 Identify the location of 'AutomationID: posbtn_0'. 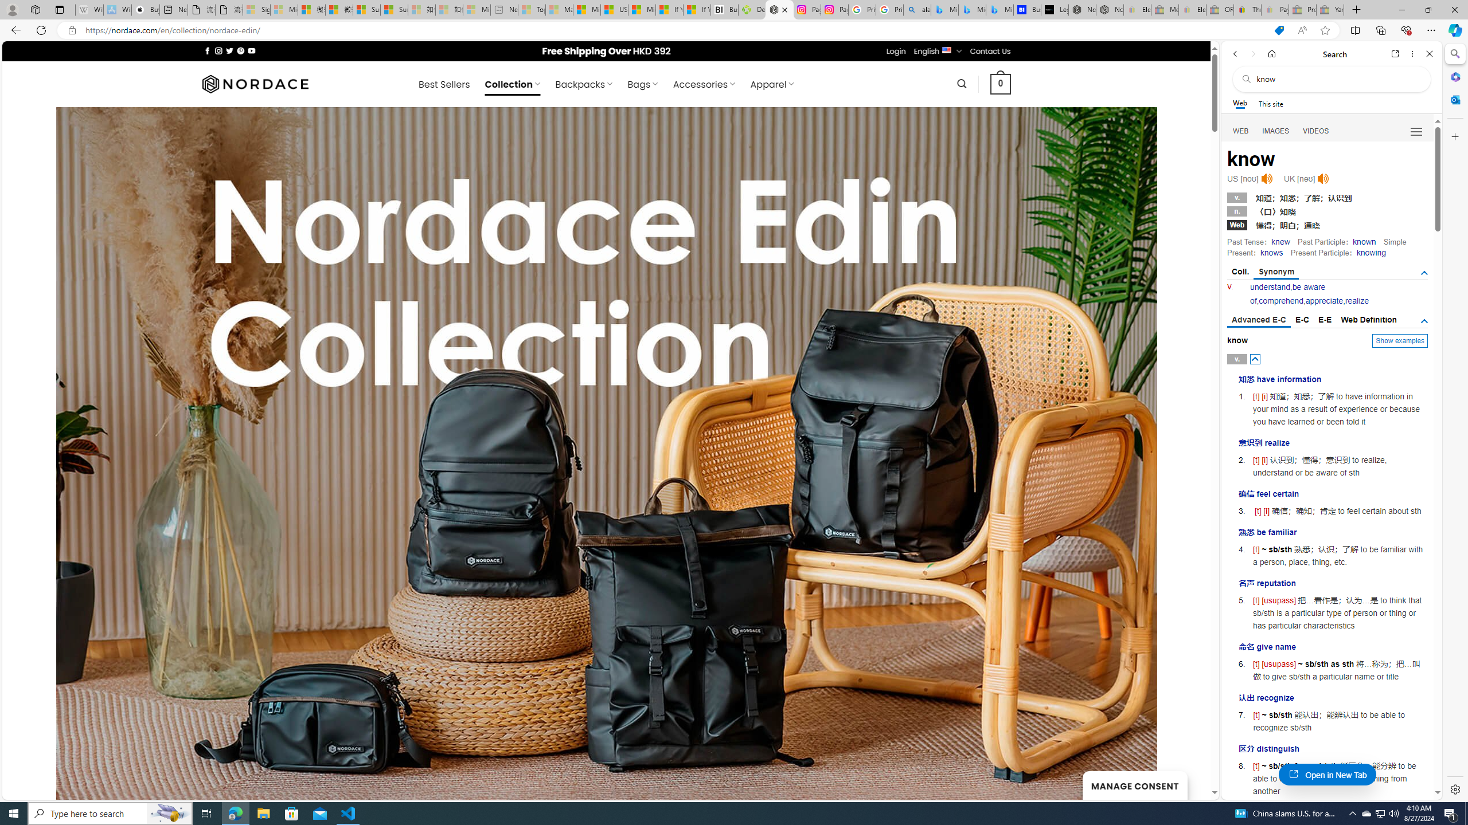
(1255, 359).